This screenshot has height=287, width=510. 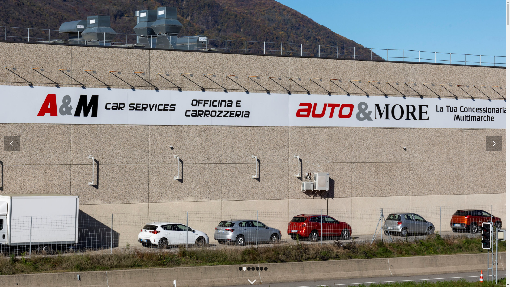 What do you see at coordinates (251, 268) in the screenshot?
I see `'4'` at bounding box center [251, 268].